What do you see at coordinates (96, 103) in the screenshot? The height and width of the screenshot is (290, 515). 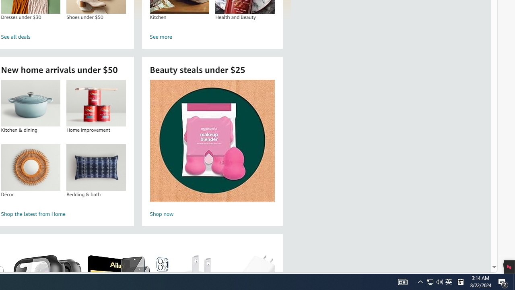 I see `'Home improvement'` at bounding box center [96, 103].